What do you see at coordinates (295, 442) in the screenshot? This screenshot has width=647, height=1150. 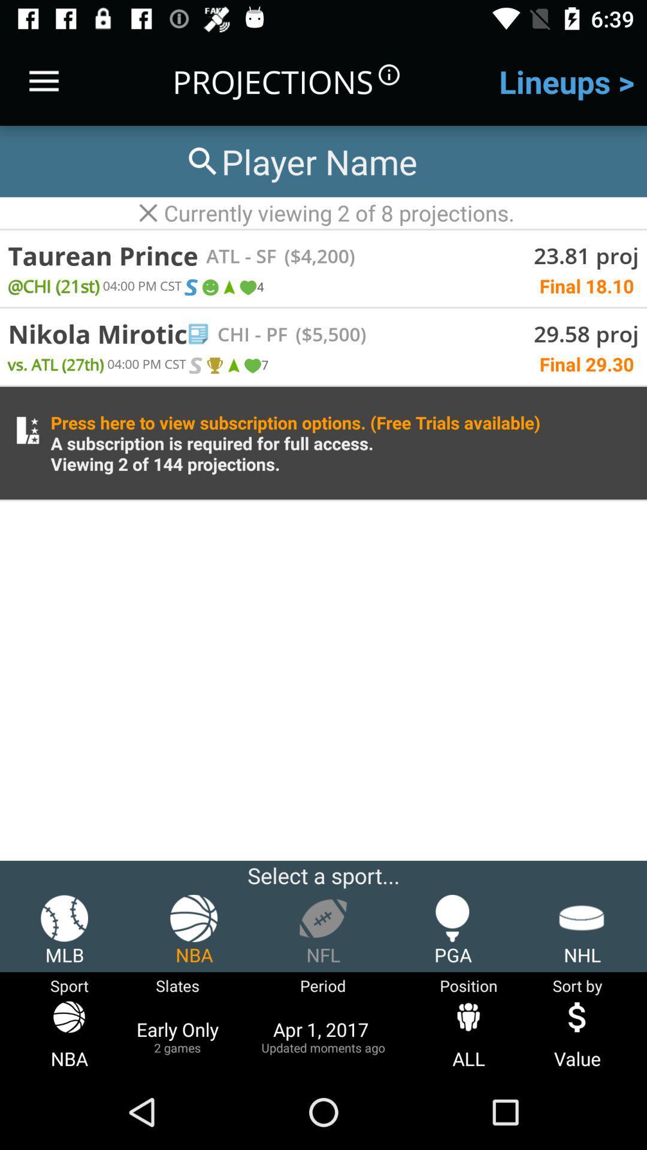 I see `the icon below final 29.30` at bounding box center [295, 442].